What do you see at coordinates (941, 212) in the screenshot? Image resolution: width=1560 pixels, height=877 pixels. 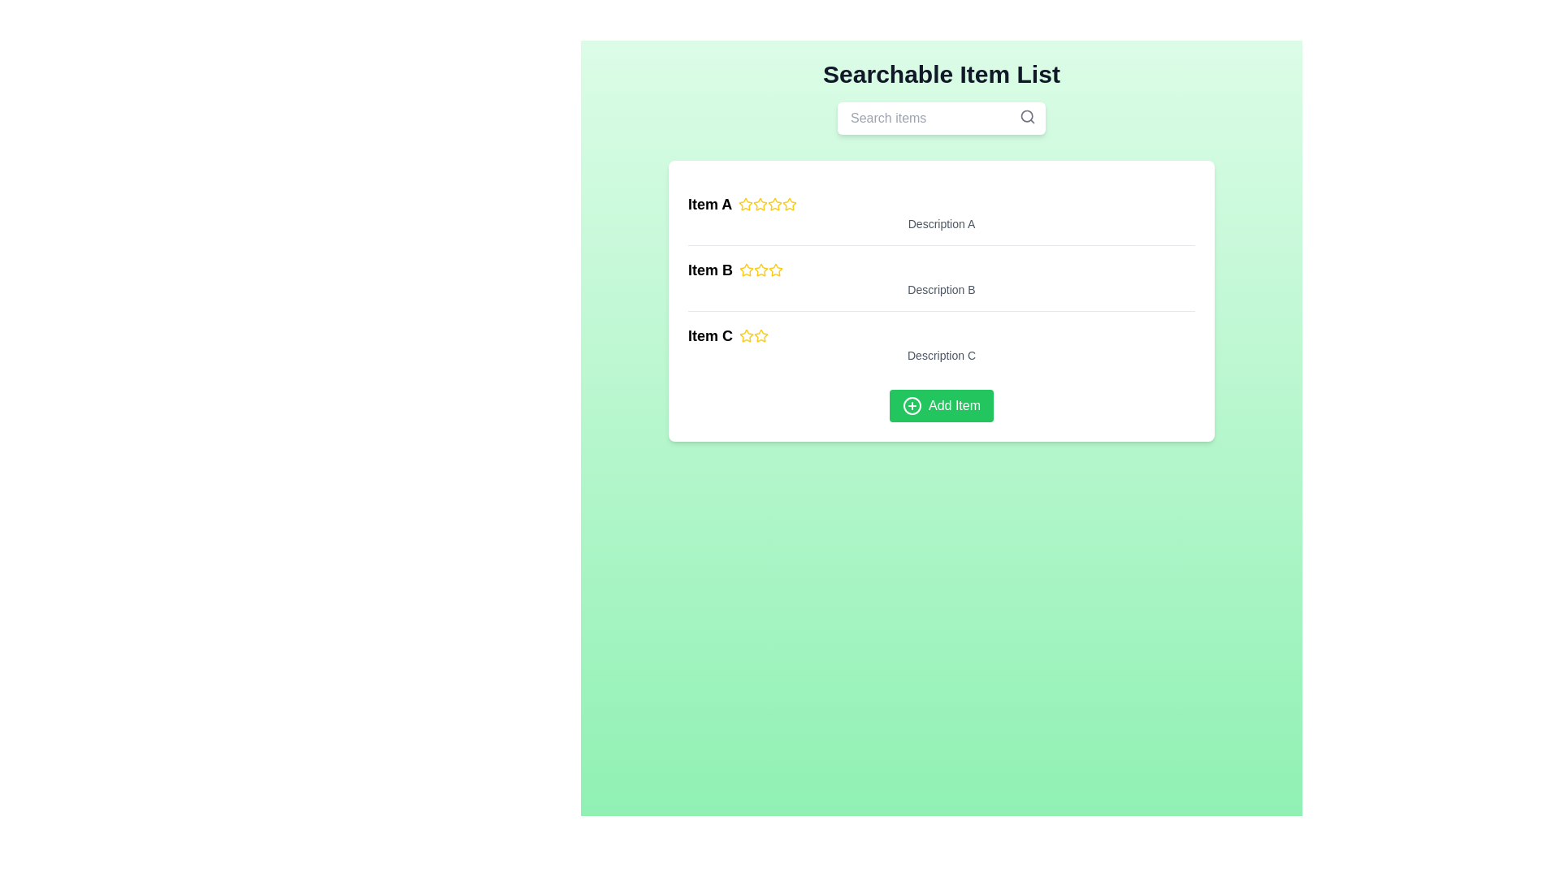 I see `the first list item containing bold text 'Item A' and yellow stars` at bounding box center [941, 212].